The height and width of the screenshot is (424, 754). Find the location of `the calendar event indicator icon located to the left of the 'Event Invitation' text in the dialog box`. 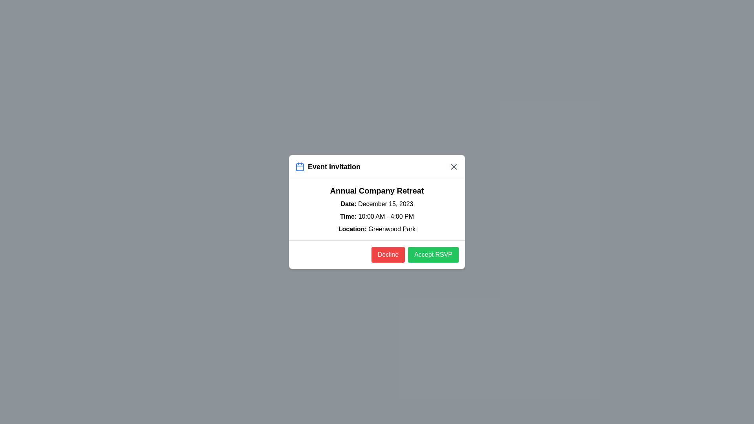

the calendar event indicator icon located to the left of the 'Event Invitation' text in the dialog box is located at coordinates (299, 166).